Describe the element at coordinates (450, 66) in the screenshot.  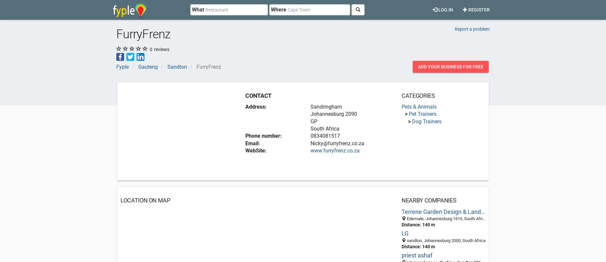
I see `'Add your business for free'` at that location.